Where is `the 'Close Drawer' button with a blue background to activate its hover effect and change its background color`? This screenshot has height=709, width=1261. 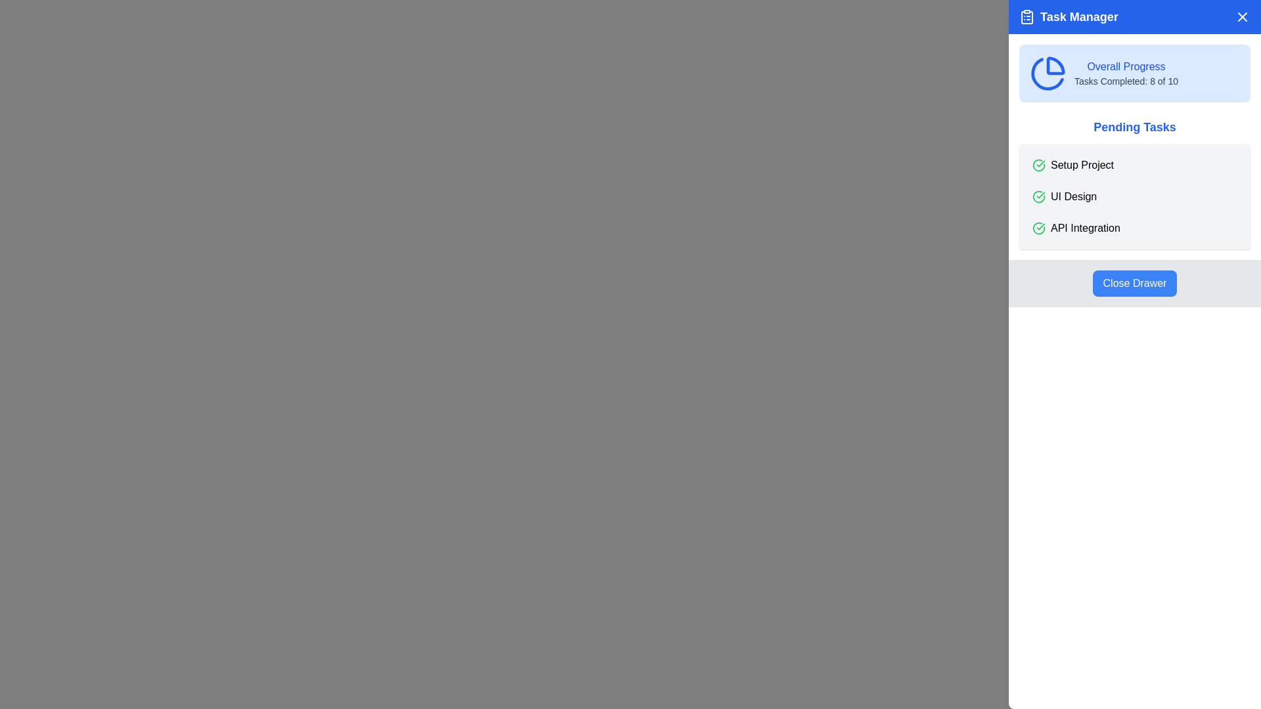 the 'Close Drawer' button with a blue background to activate its hover effect and change its background color is located at coordinates (1134, 283).